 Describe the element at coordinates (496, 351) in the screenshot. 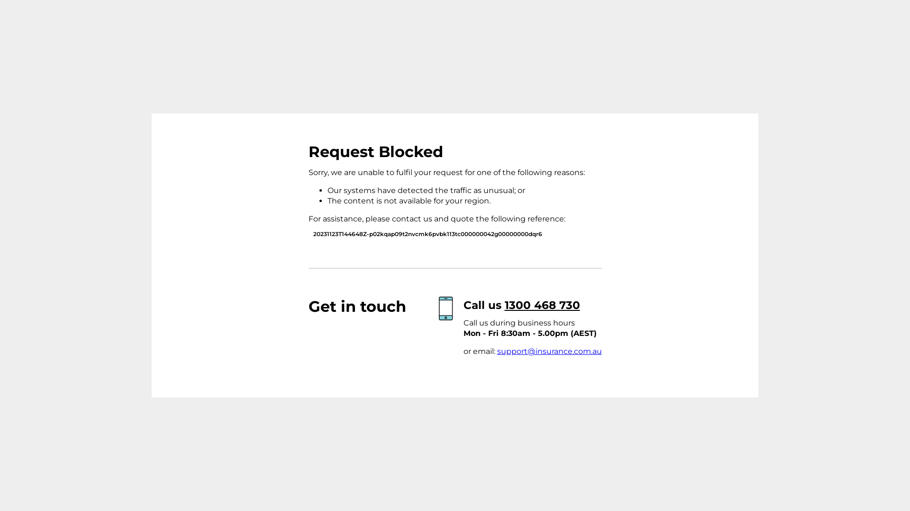

I see `'support@insurance.com.au'` at that location.